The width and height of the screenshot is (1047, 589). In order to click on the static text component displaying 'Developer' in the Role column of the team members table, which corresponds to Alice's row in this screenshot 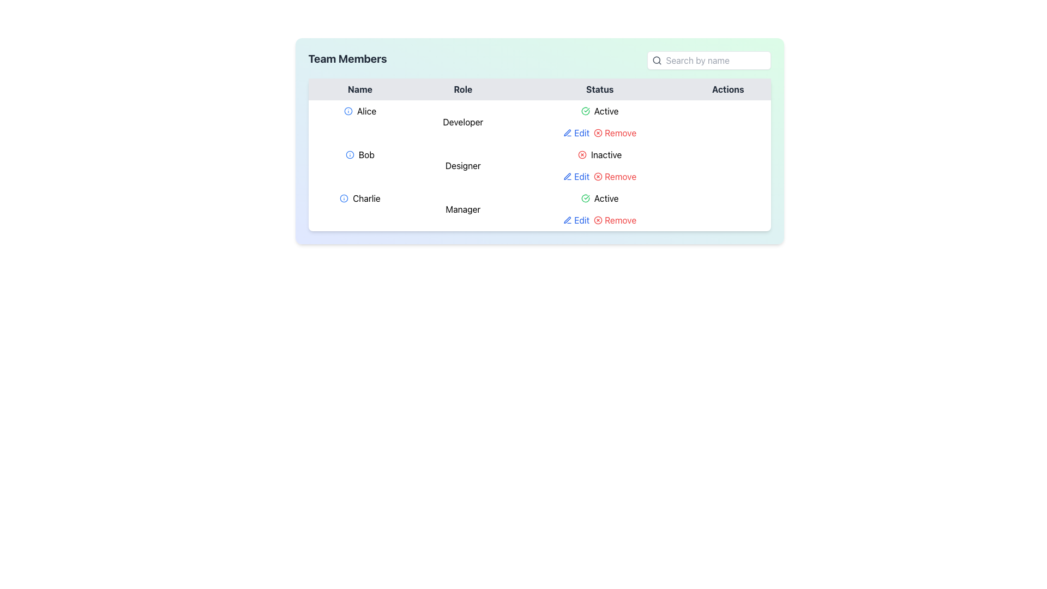, I will do `click(463, 122)`.